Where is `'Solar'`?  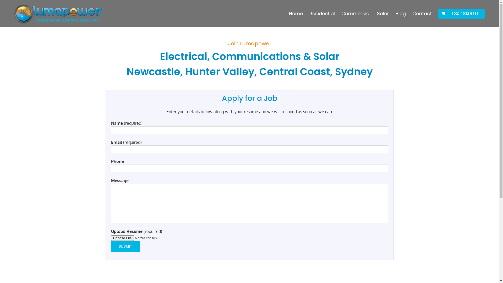
'Solar' is located at coordinates (383, 13).